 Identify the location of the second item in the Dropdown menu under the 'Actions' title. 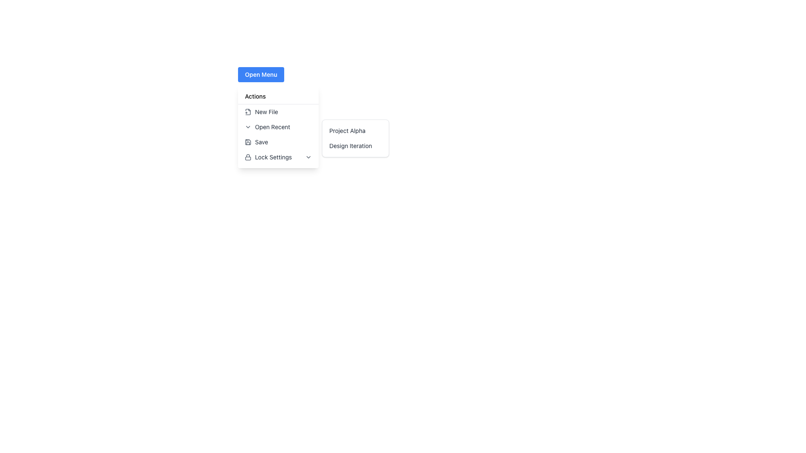
(278, 127).